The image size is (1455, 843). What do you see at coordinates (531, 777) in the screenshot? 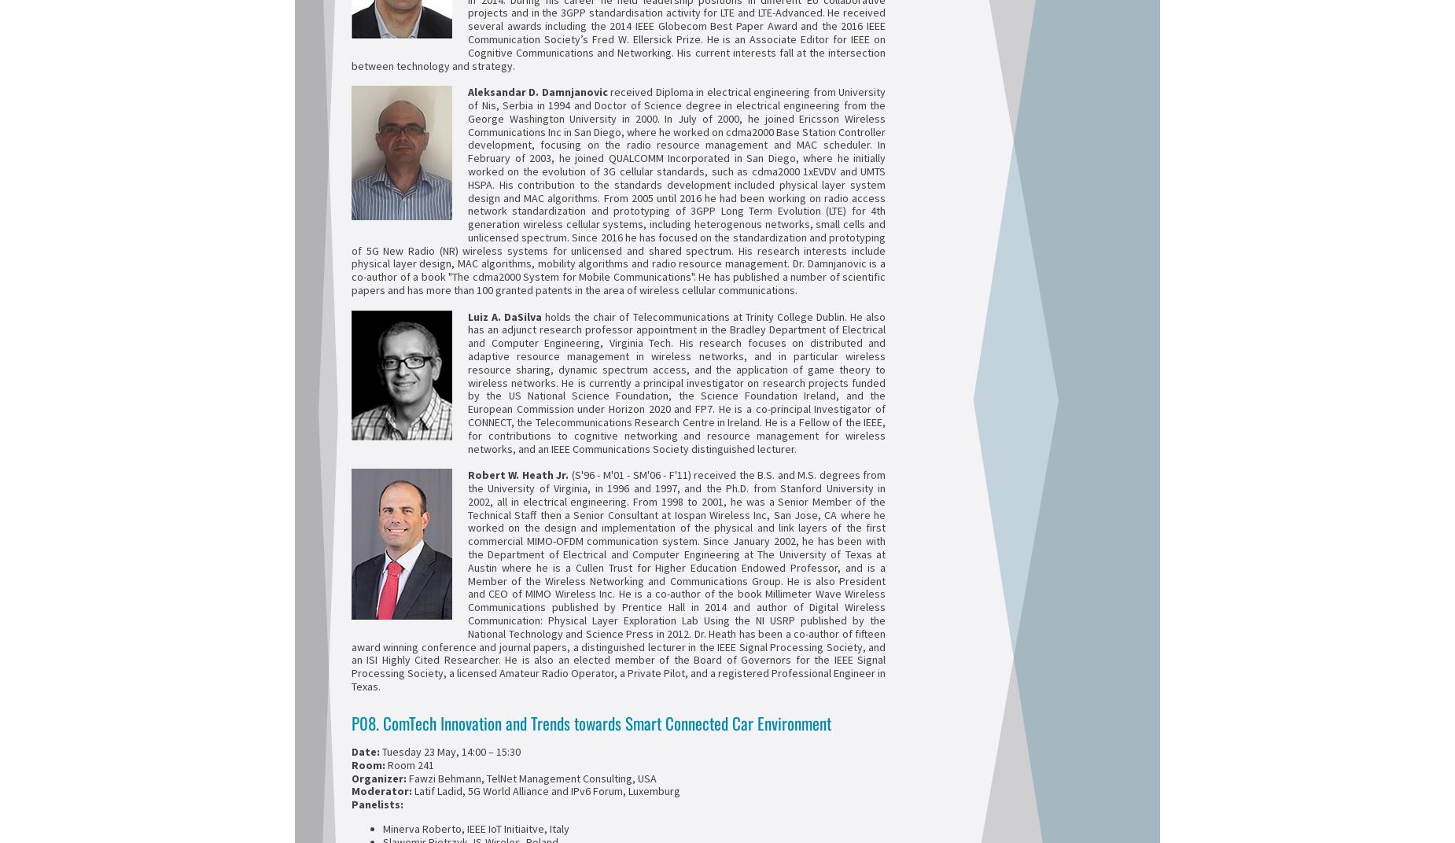
I see `'Fawzi Behmann, TelNet Management Consulting, USA'` at bounding box center [531, 777].